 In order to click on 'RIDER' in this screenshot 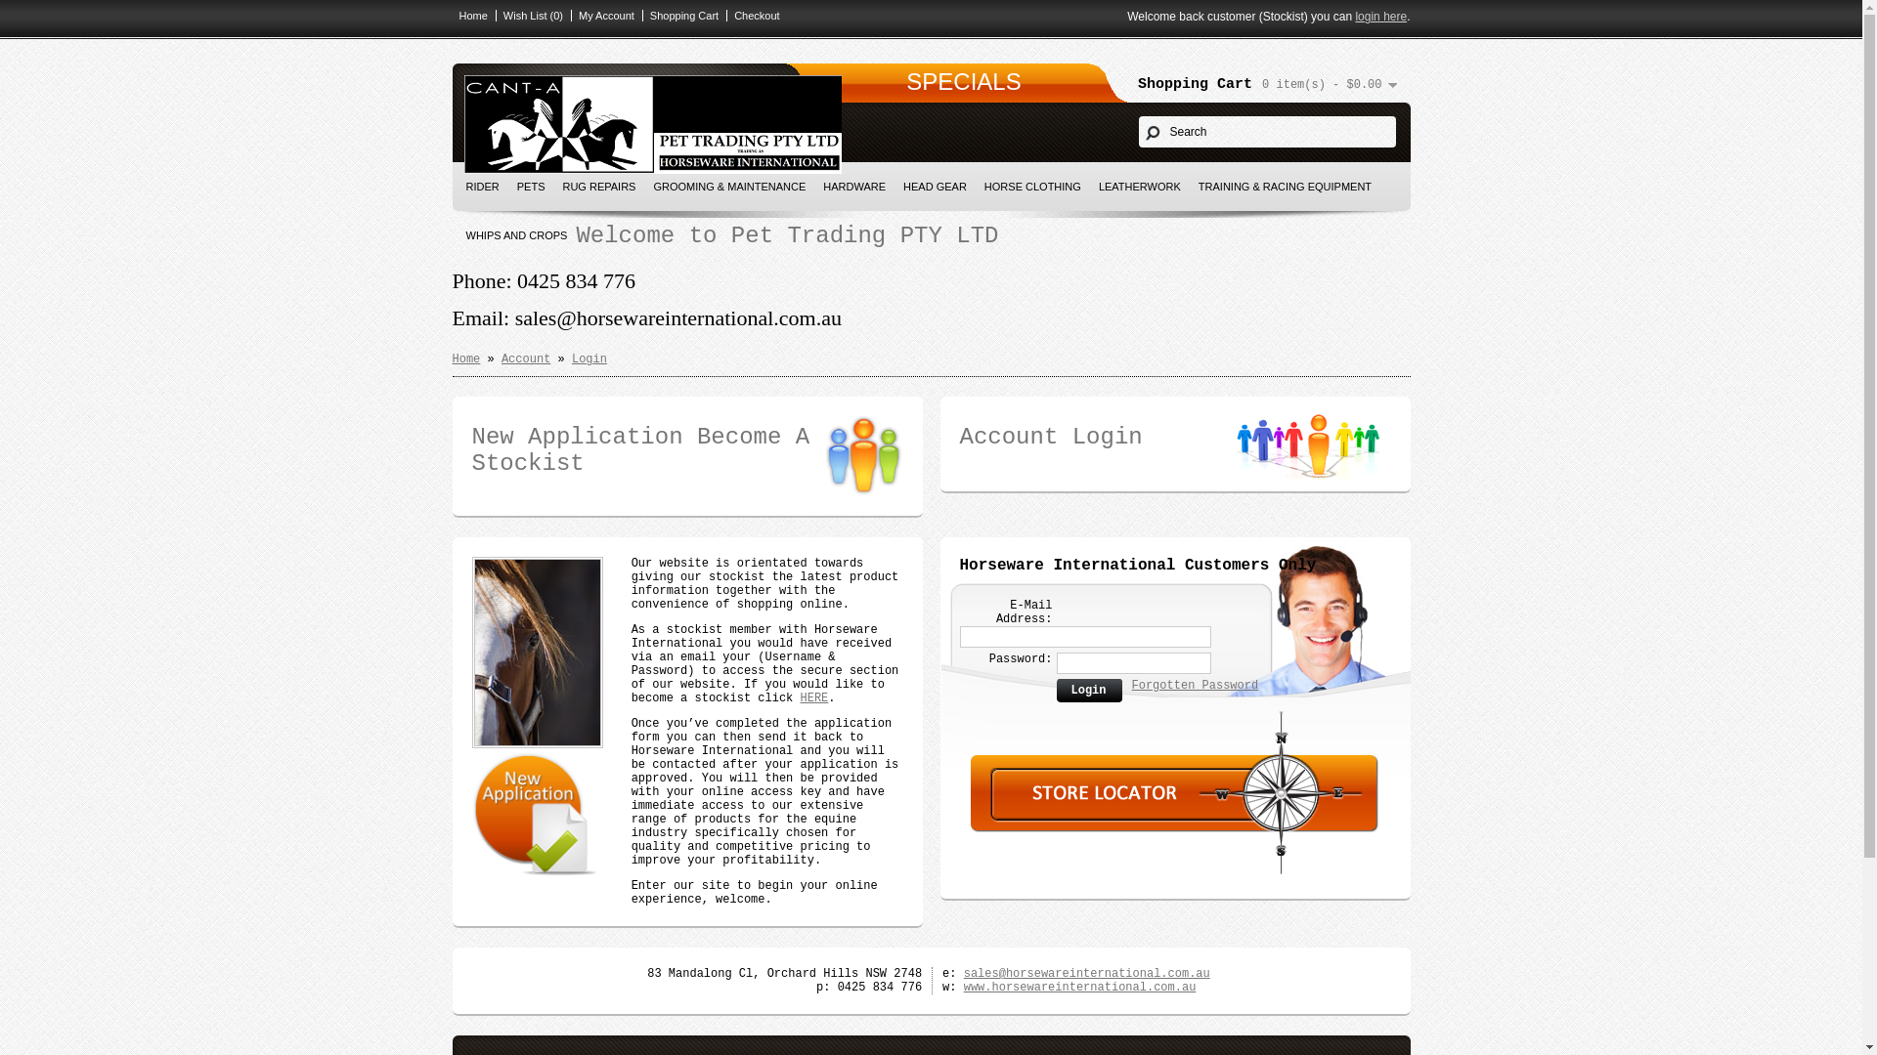, I will do `click(483, 187)`.